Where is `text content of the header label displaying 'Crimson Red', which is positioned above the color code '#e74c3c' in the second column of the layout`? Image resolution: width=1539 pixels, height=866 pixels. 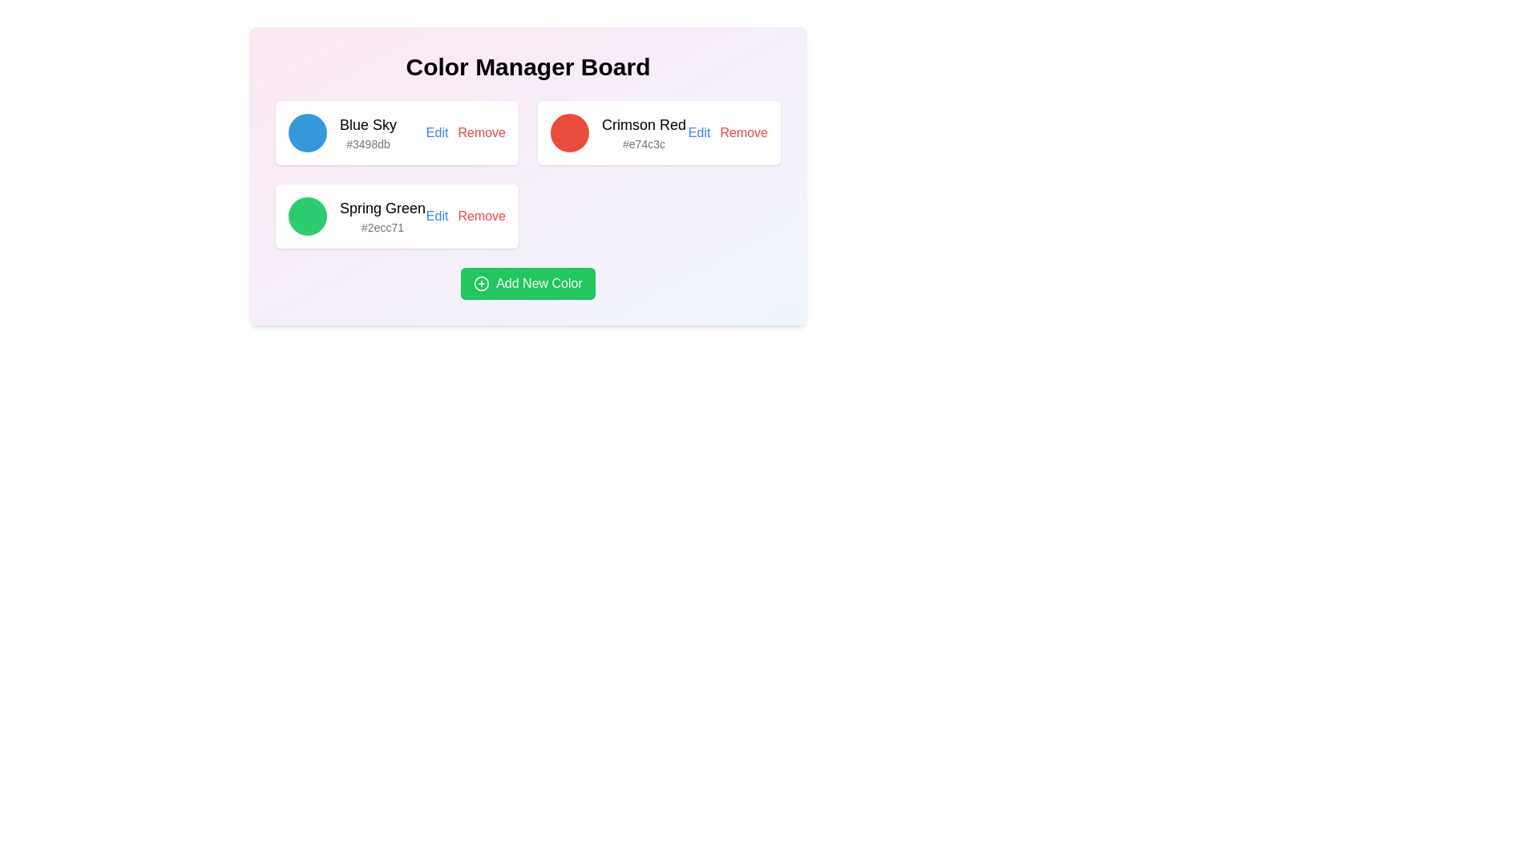 text content of the header label displaying 'Crimson Red', which is positioned above the color code '#e74c3c' in the second column of the layout is located at coordinates (644, 123).